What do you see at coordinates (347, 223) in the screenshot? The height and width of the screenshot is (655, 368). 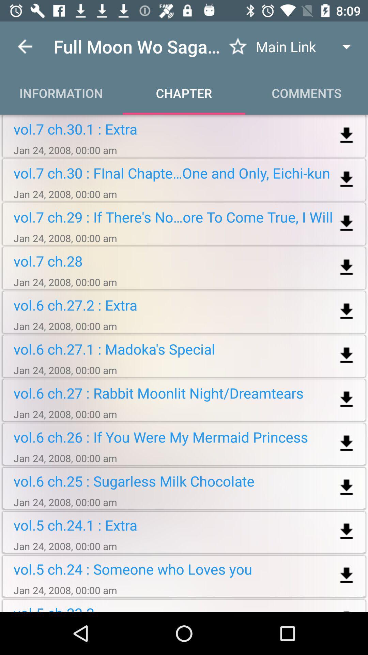 I see `download the file` at bounding box center [347, 223].